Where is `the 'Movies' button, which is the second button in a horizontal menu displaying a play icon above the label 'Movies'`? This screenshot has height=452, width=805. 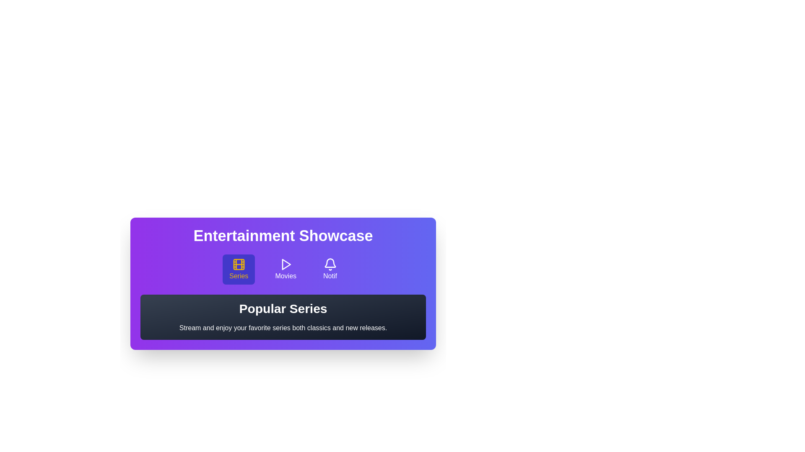 the 'Movies' button, which is the second button in a horizontal menu displaying a play icon above the label 'Movies' is located at coordinates (286, 270).